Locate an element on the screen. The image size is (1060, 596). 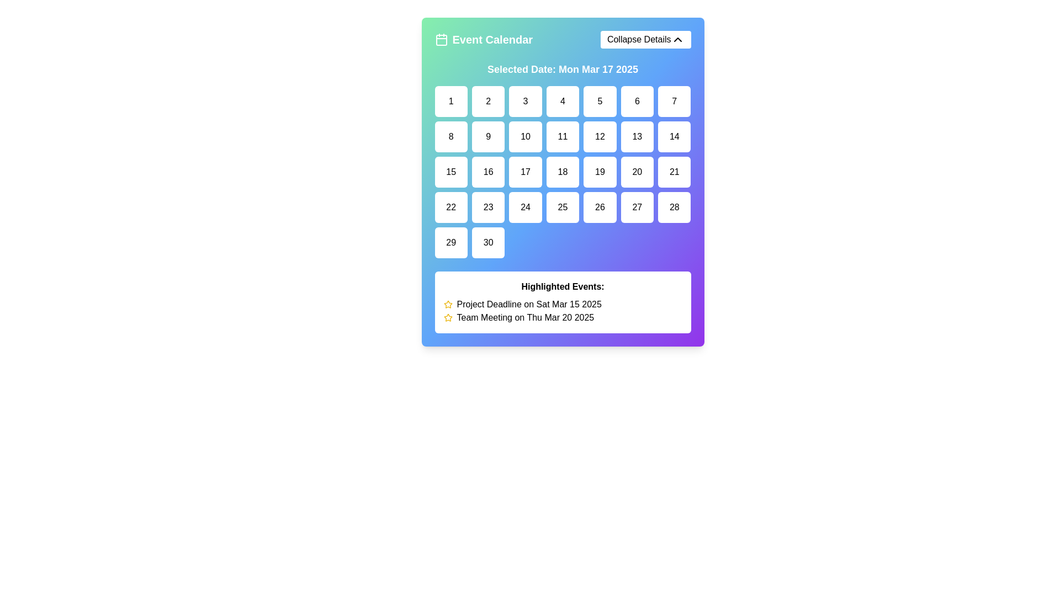
the grid cell displaying the number '18' with a white background and rounded corners is located at coordinates (563, 172).